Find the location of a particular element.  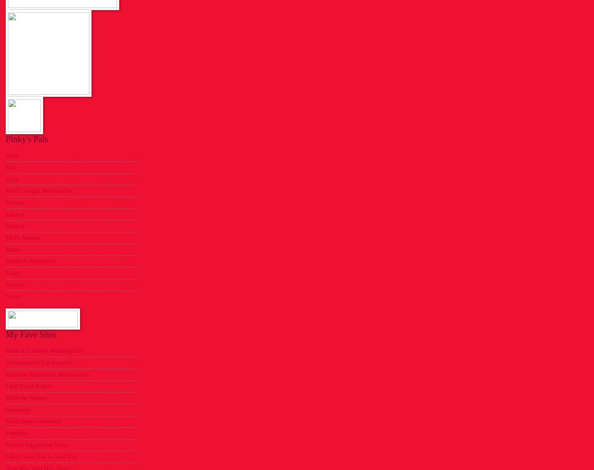

'Adventures in Los Angeles' is located at coordinates (38, 362).